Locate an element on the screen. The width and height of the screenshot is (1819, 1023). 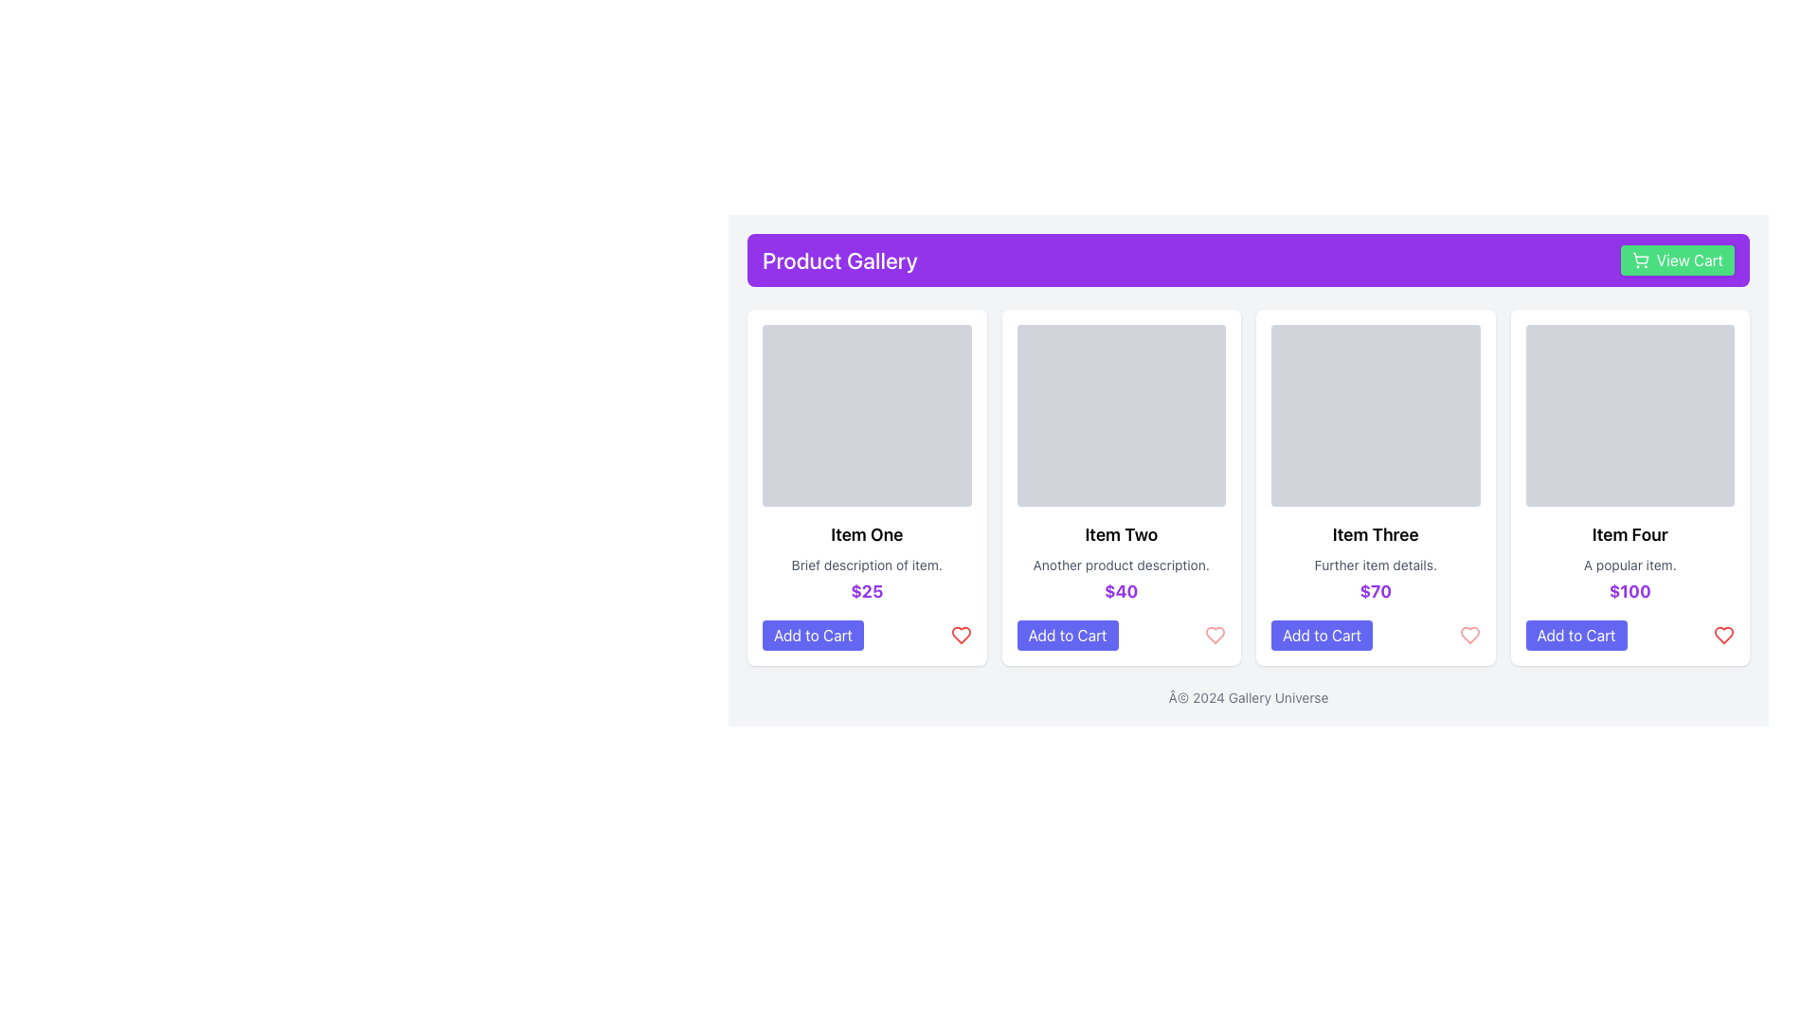
the static text label displaying 'Further item details.' located under the title 'Item Three' in the third product card is located at coordinates (1376, 565).